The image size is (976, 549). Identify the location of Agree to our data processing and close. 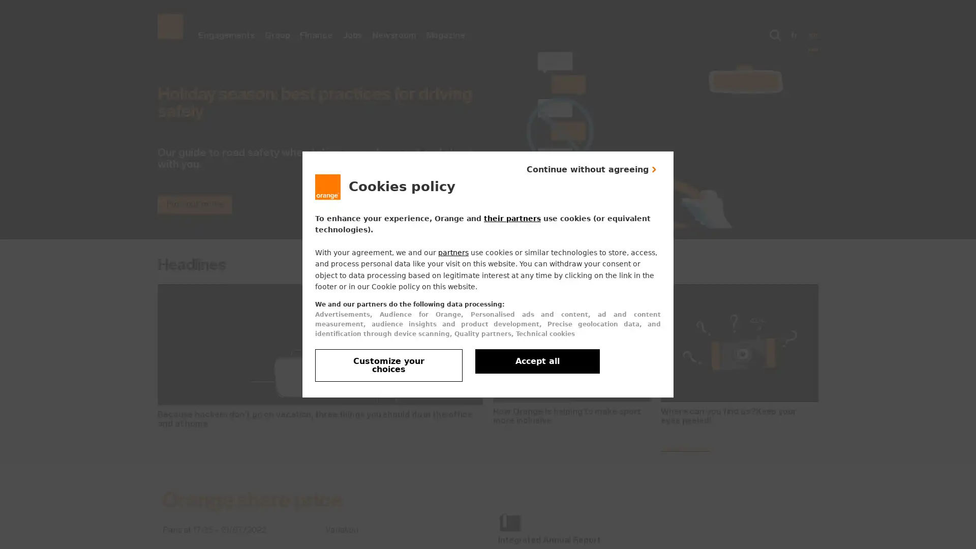
(537, 360).